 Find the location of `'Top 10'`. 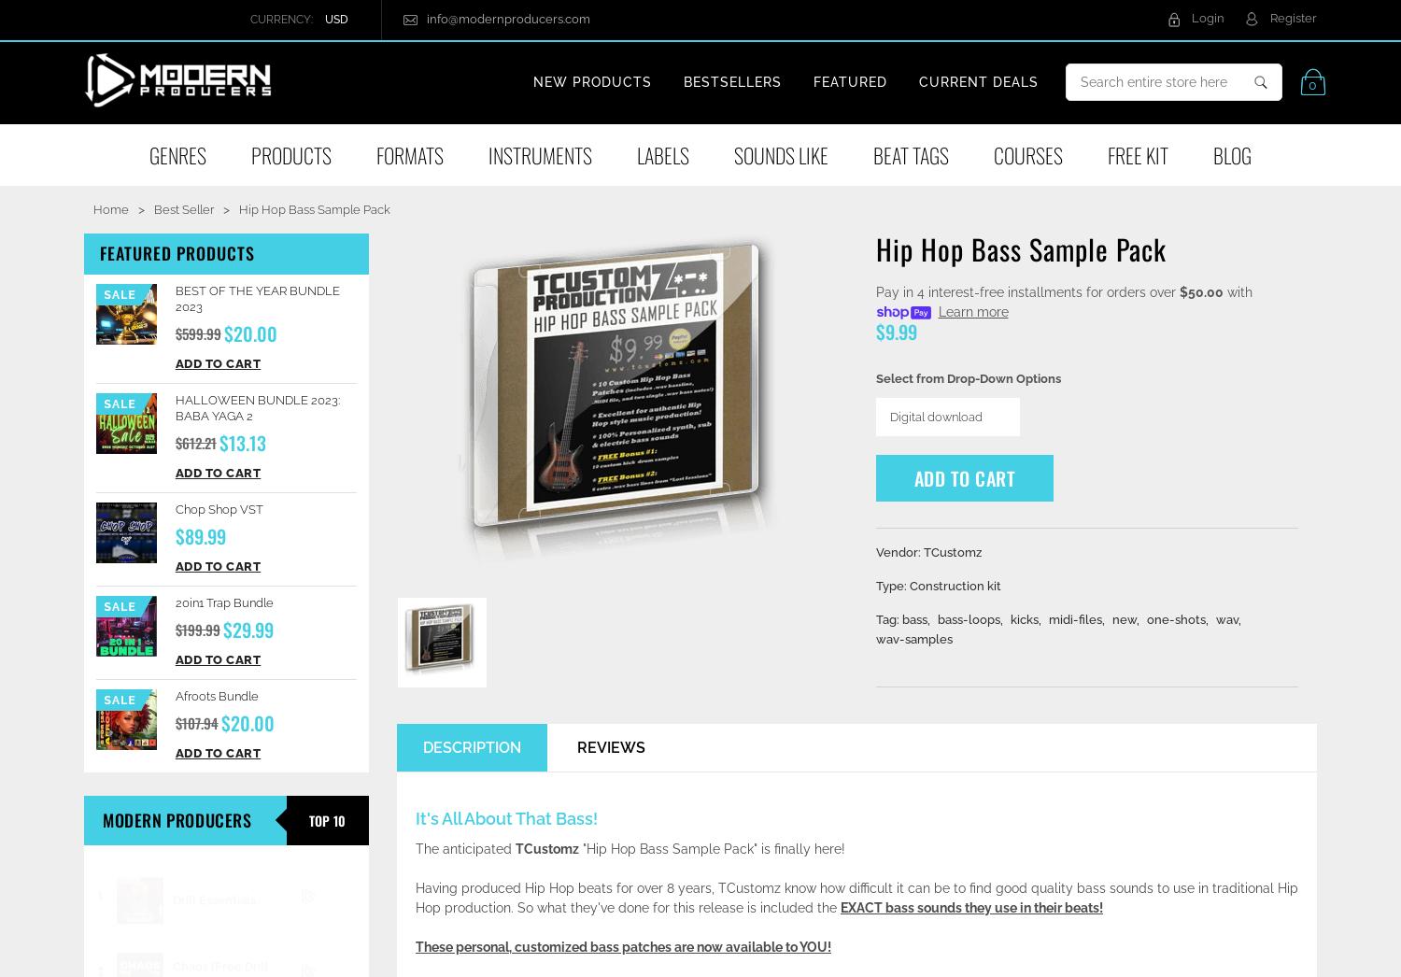

'Top 10' is located at coordinates (308, 818).